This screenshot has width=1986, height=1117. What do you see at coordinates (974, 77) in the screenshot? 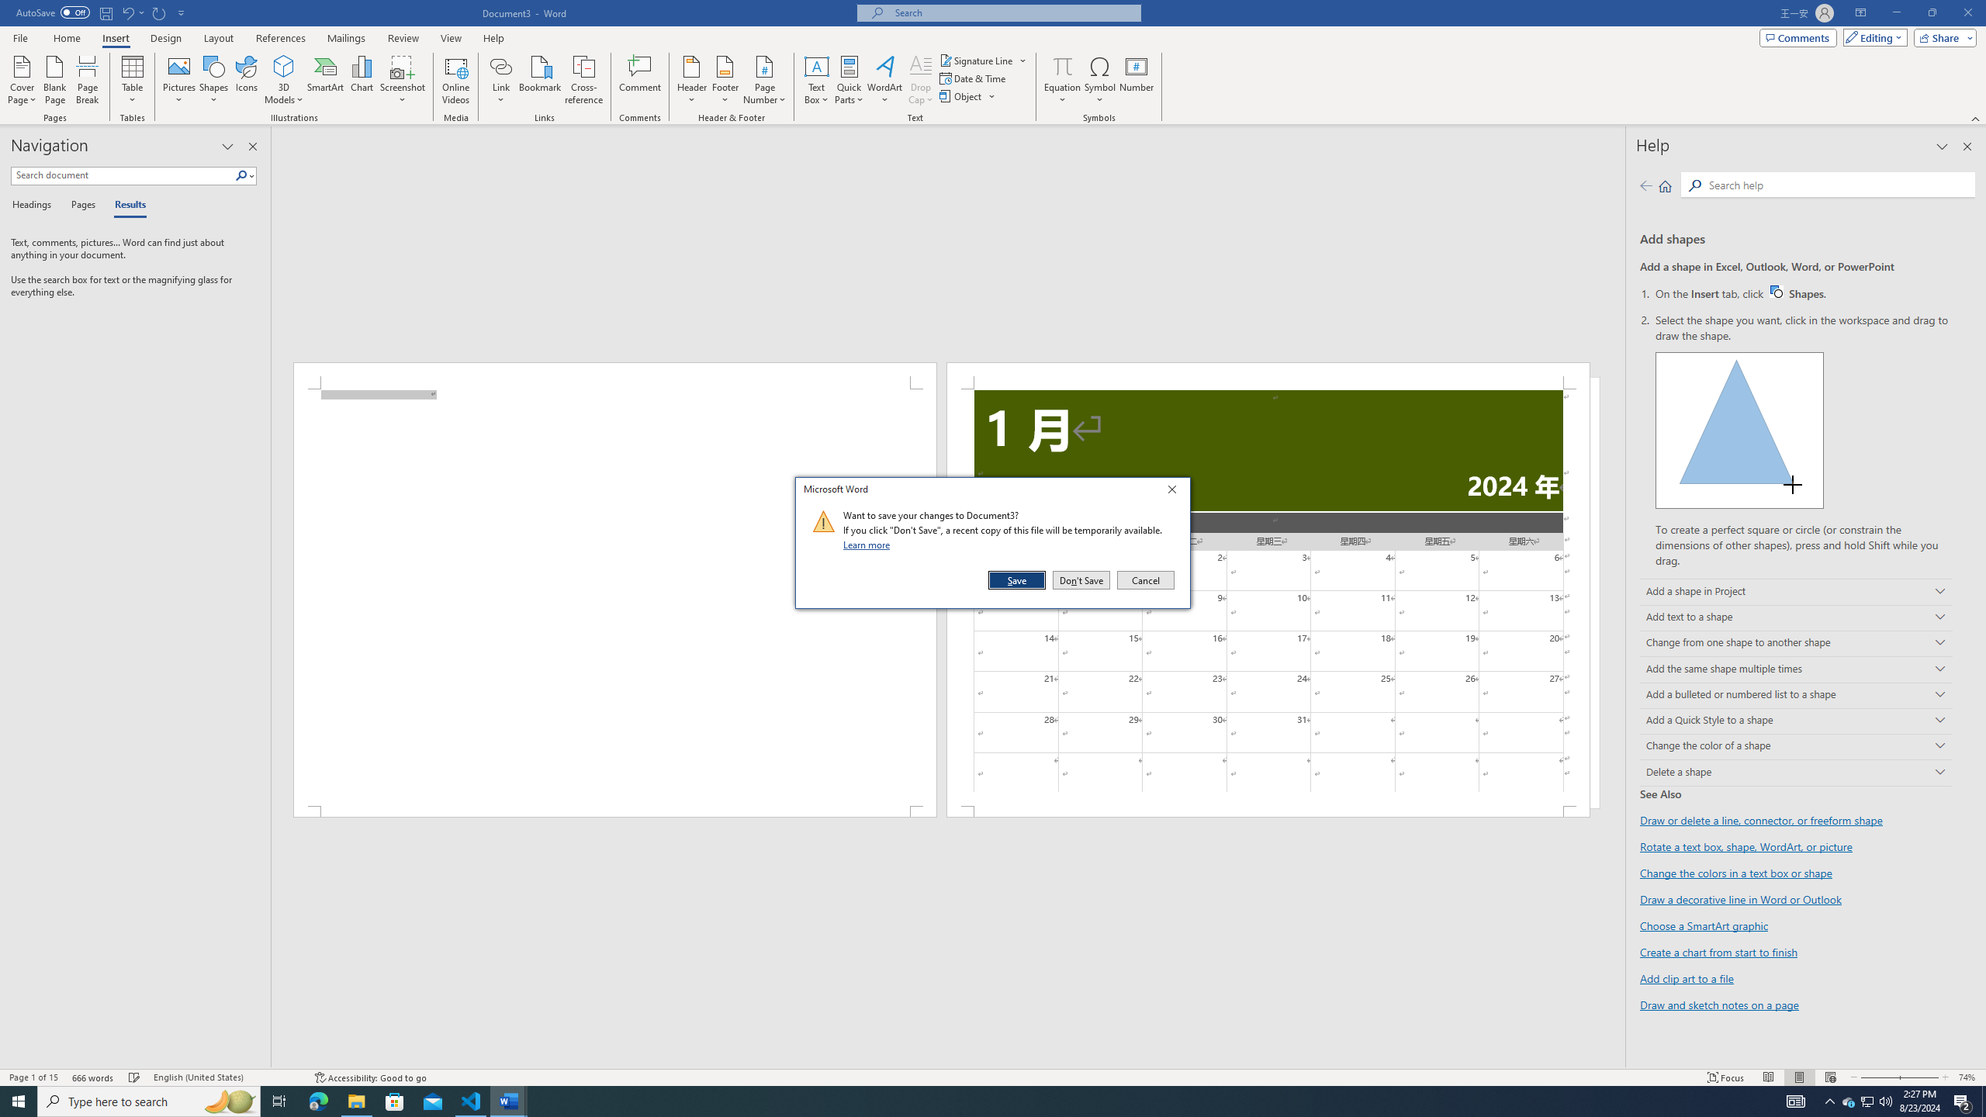
I see `'Date & Time...'` at bounding box center [974, 77].